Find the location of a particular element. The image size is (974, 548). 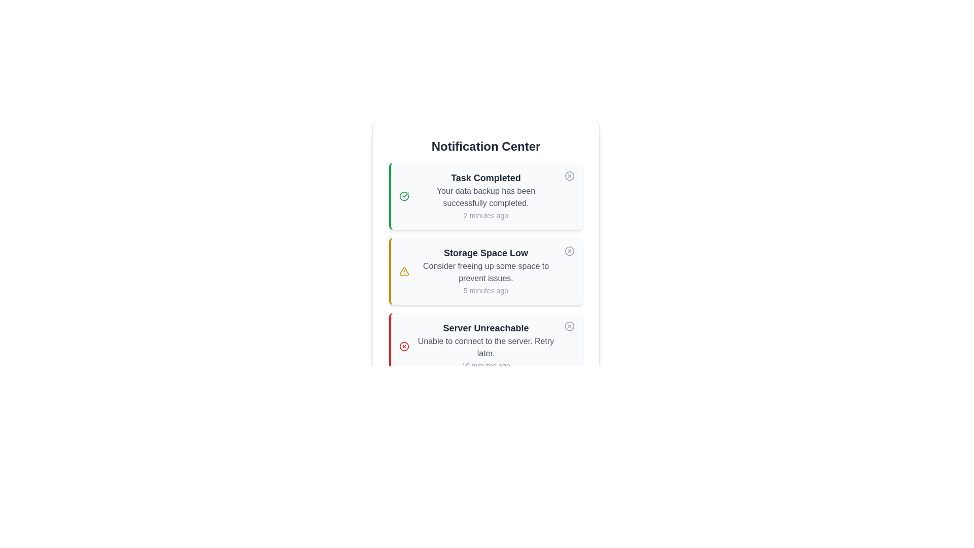

the error icon indicating 'Server Unreachable', located to the left of the corresponding notification text is located at coordinates (403, 346).